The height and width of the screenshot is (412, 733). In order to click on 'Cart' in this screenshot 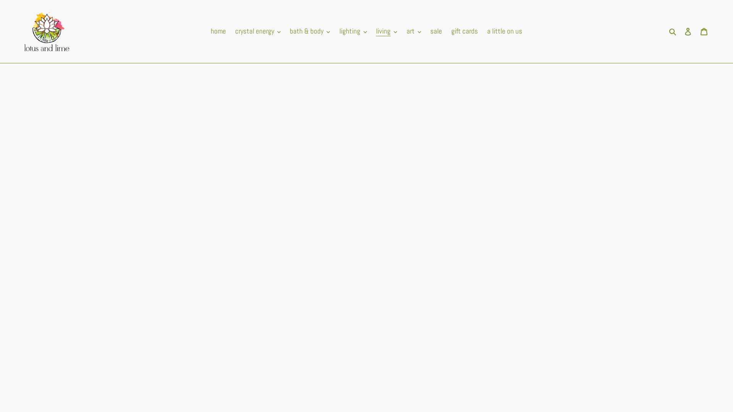, I will do `click(703, 31)`.